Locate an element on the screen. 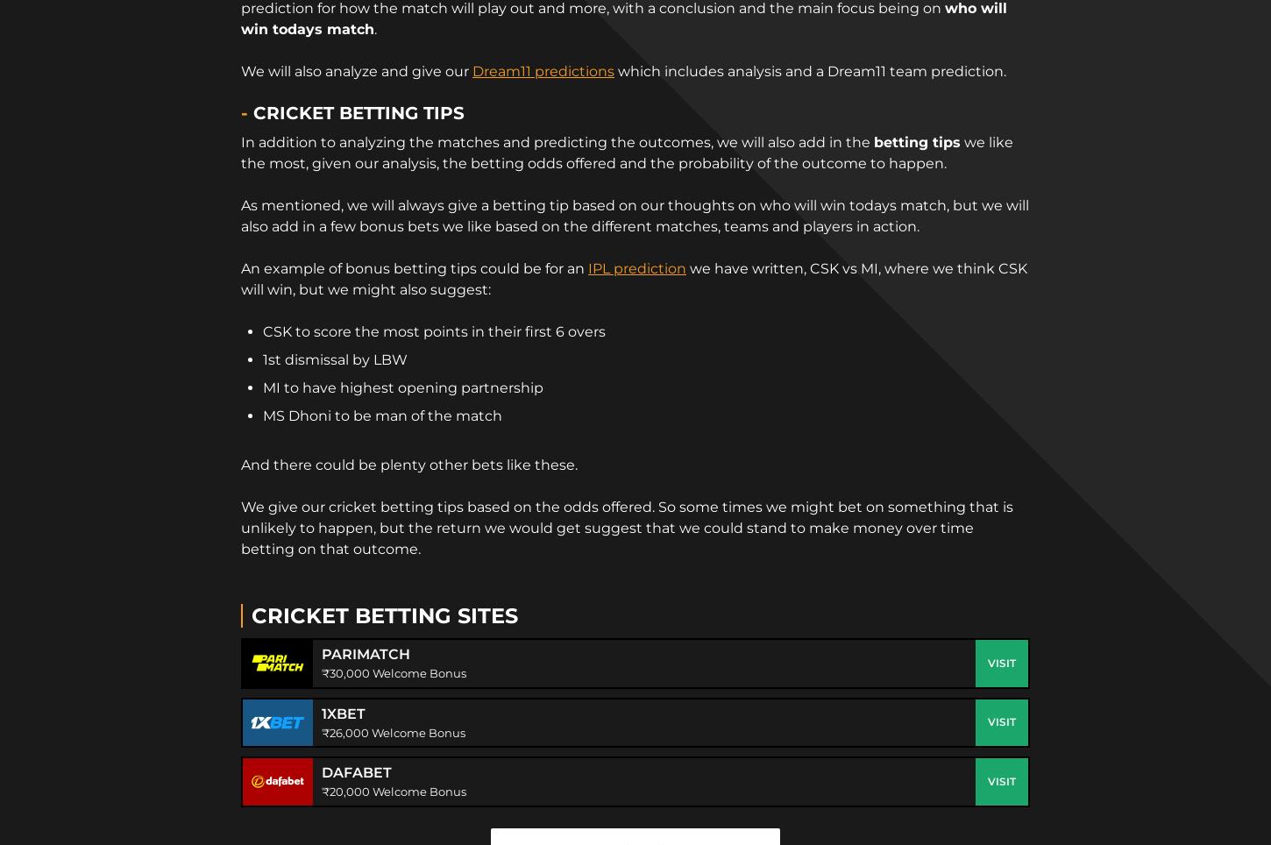 The height and width of the screenshot is (845, 1271). 'Dream11 predictions' is located at coordinates (543, 70).